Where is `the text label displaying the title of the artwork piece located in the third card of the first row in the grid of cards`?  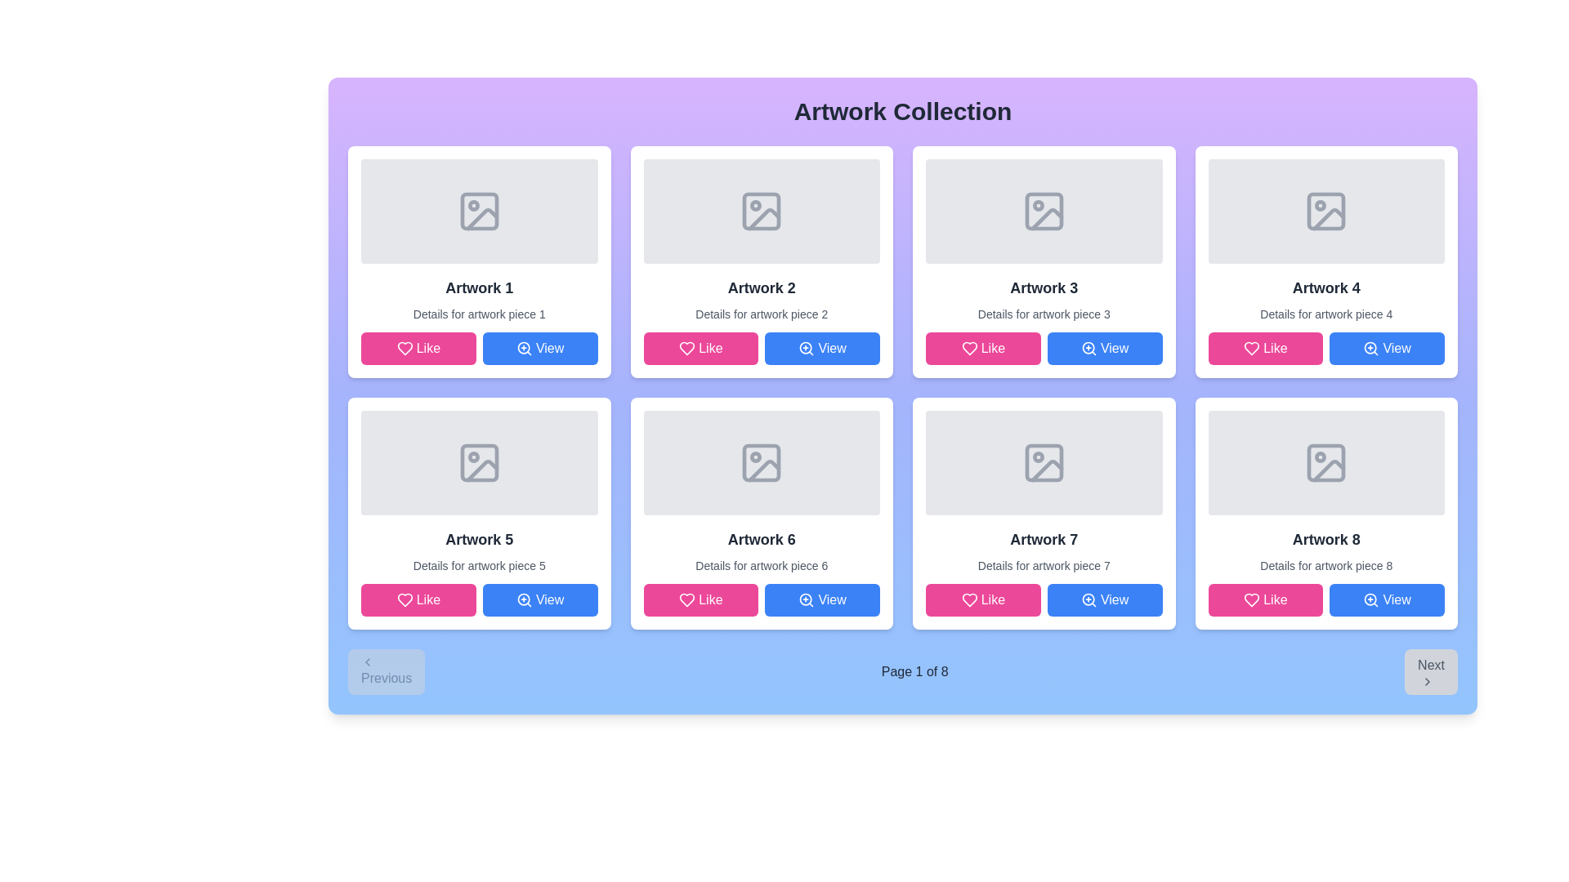 the text label displaying the title of the artwork piece located in the third card of the first row in the grid of cards is located at coordinates (1043, 287).